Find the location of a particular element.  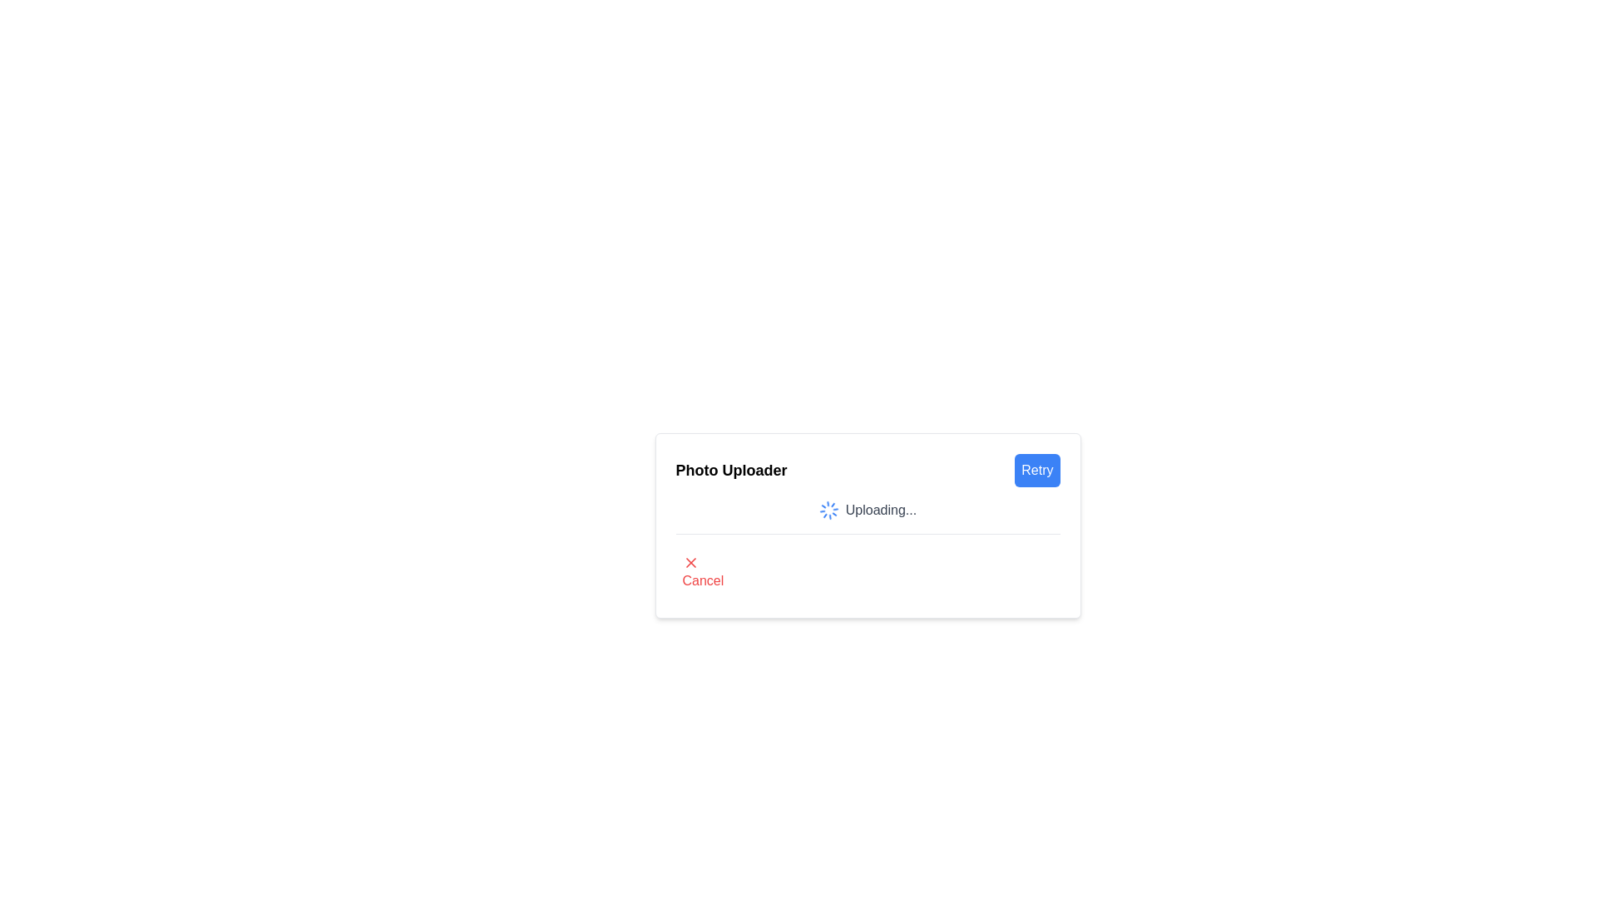

the text element that indicates an ongoing uploading process, which is positioned to the right of a spinning loader icon within a white card interface is located at coordinates (880, 509).